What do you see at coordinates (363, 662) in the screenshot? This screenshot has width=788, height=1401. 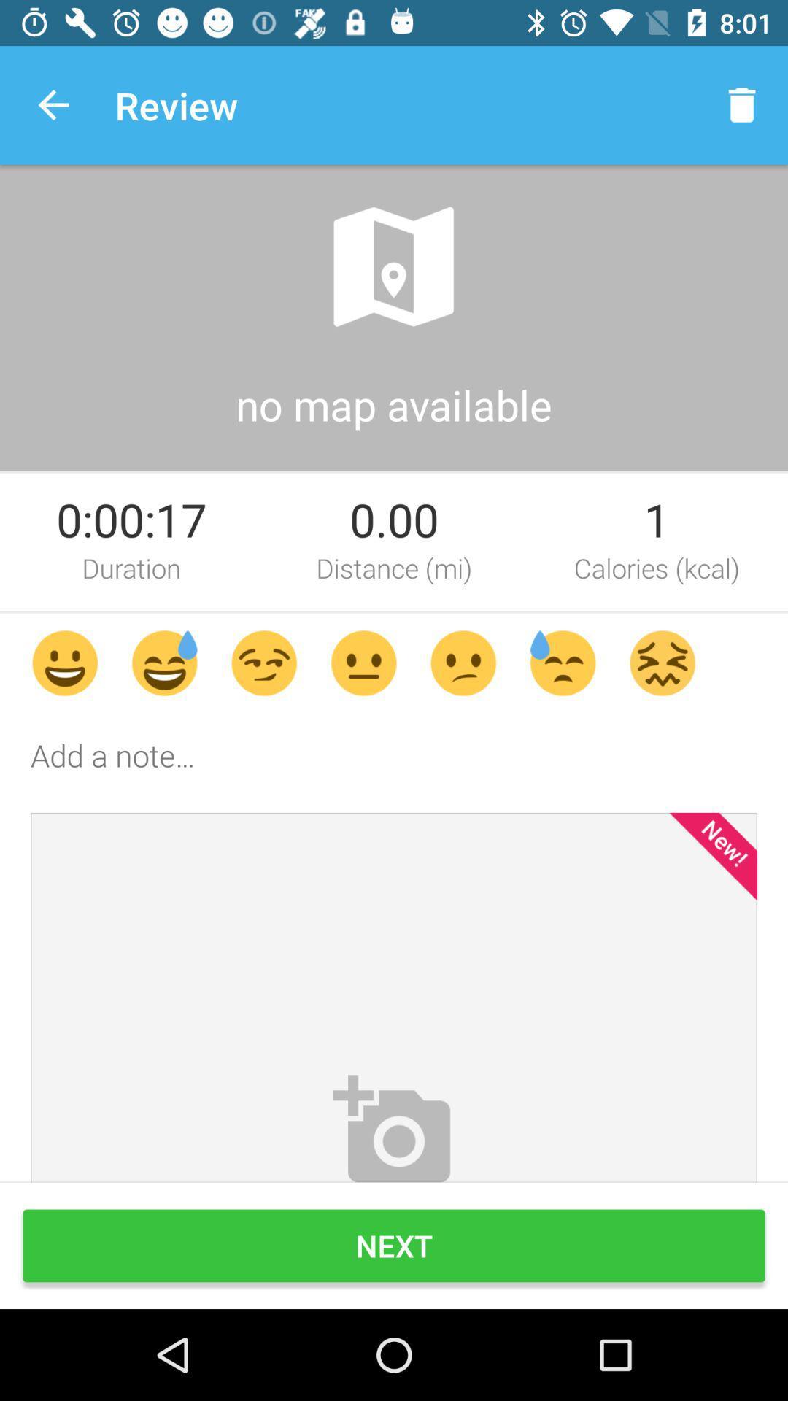 I see `the emoji icon` at bounding box center [363, 662].